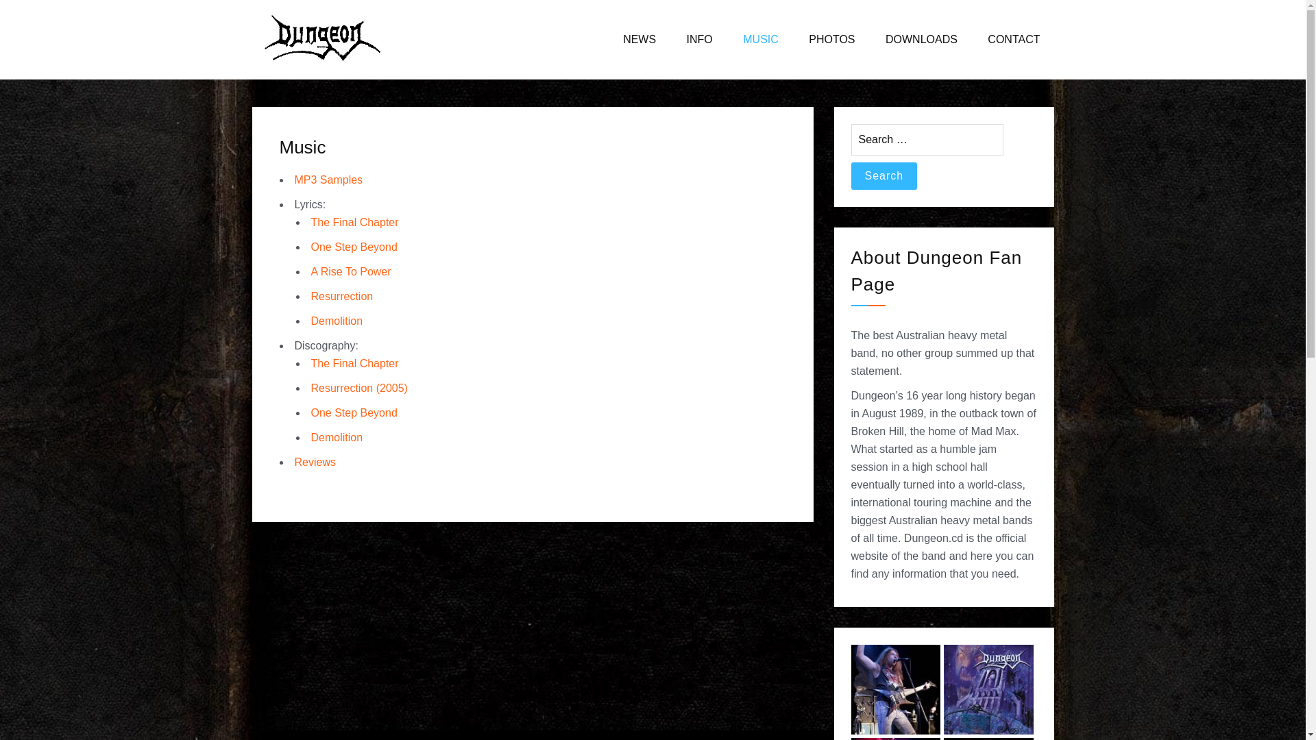 This screenshot has height=740, width=1316. I want to click on 'Search', so click(884, 175).